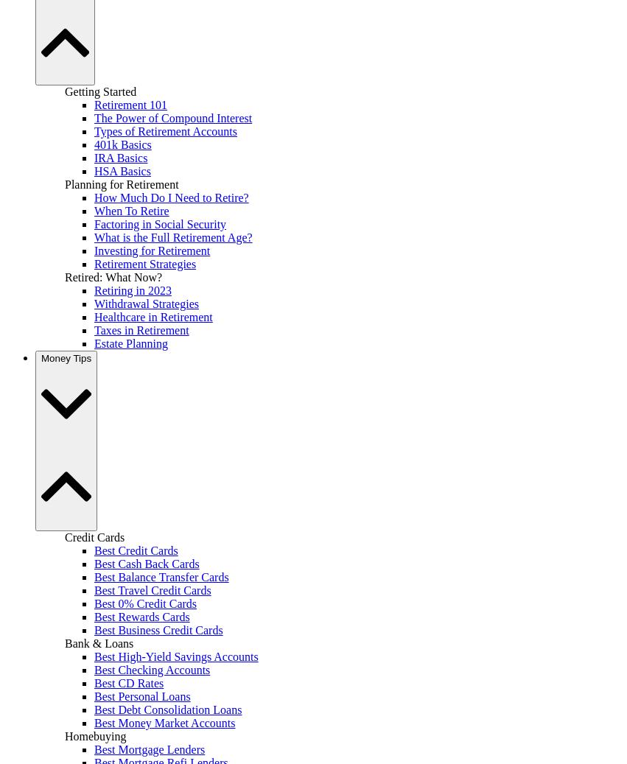  I want to click on 'The Power of Compound Interest', so click(172, 116).